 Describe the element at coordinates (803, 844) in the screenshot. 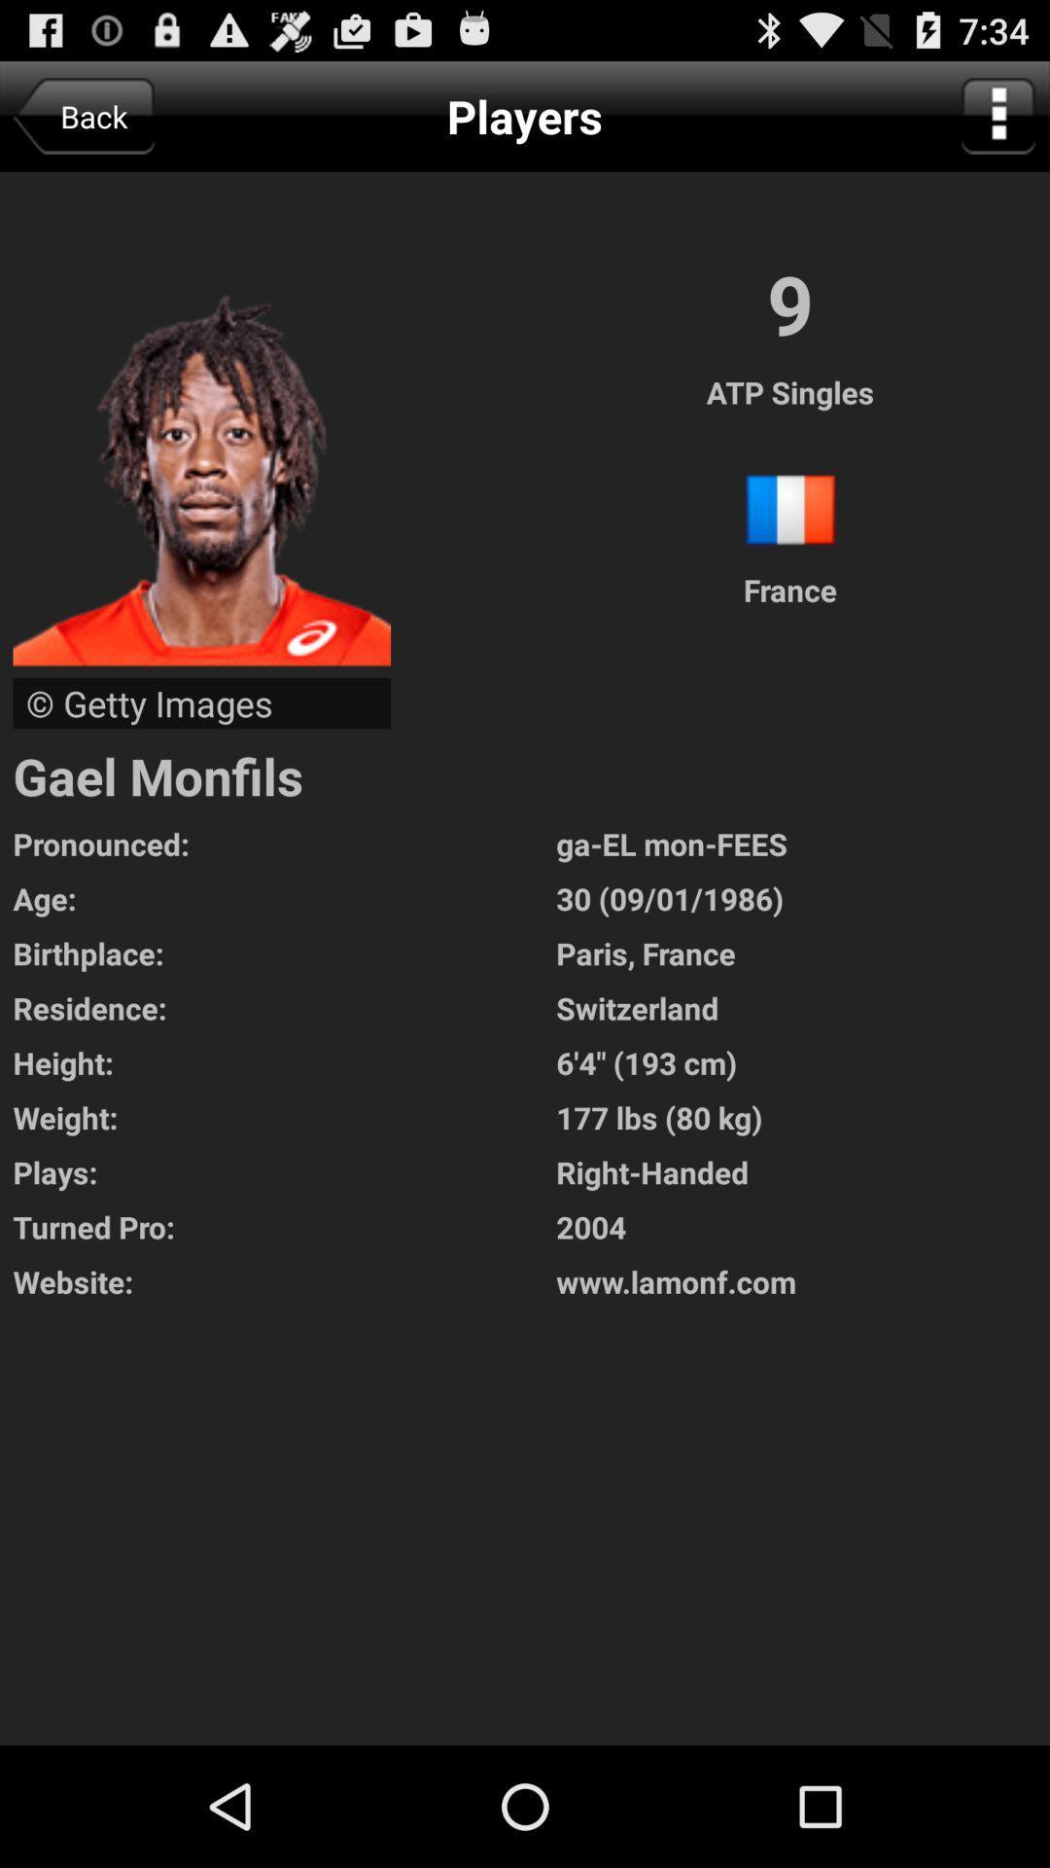

I see `ga el mon icon` at that location.